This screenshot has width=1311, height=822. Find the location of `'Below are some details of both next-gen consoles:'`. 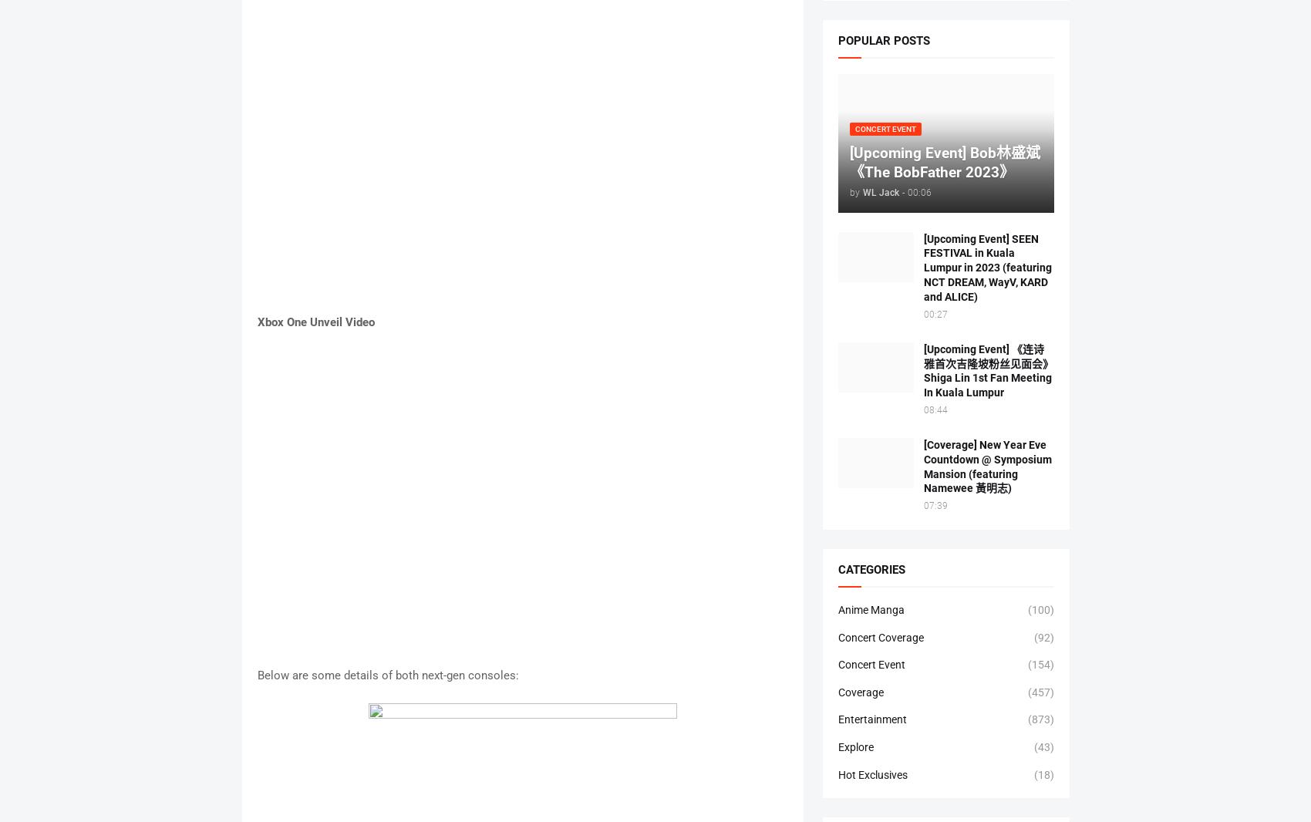

'Below are some details of both next-gen consoles:' is located at coordinates (387, 674).